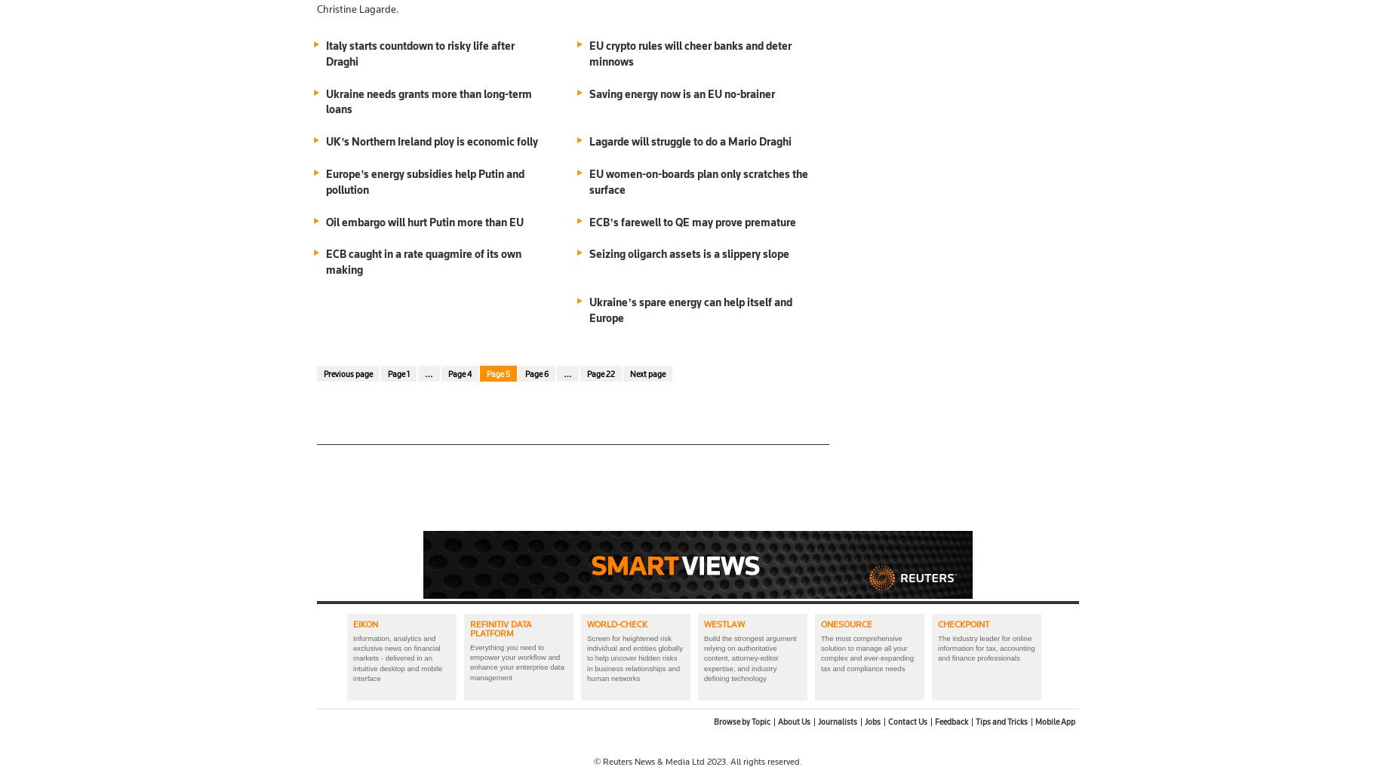 The image size is (1396, 773). What do you see at coordinates (974, 721) in the screenshot?
I see `'Tips and Tricks'` at bounding box center [974, 721].